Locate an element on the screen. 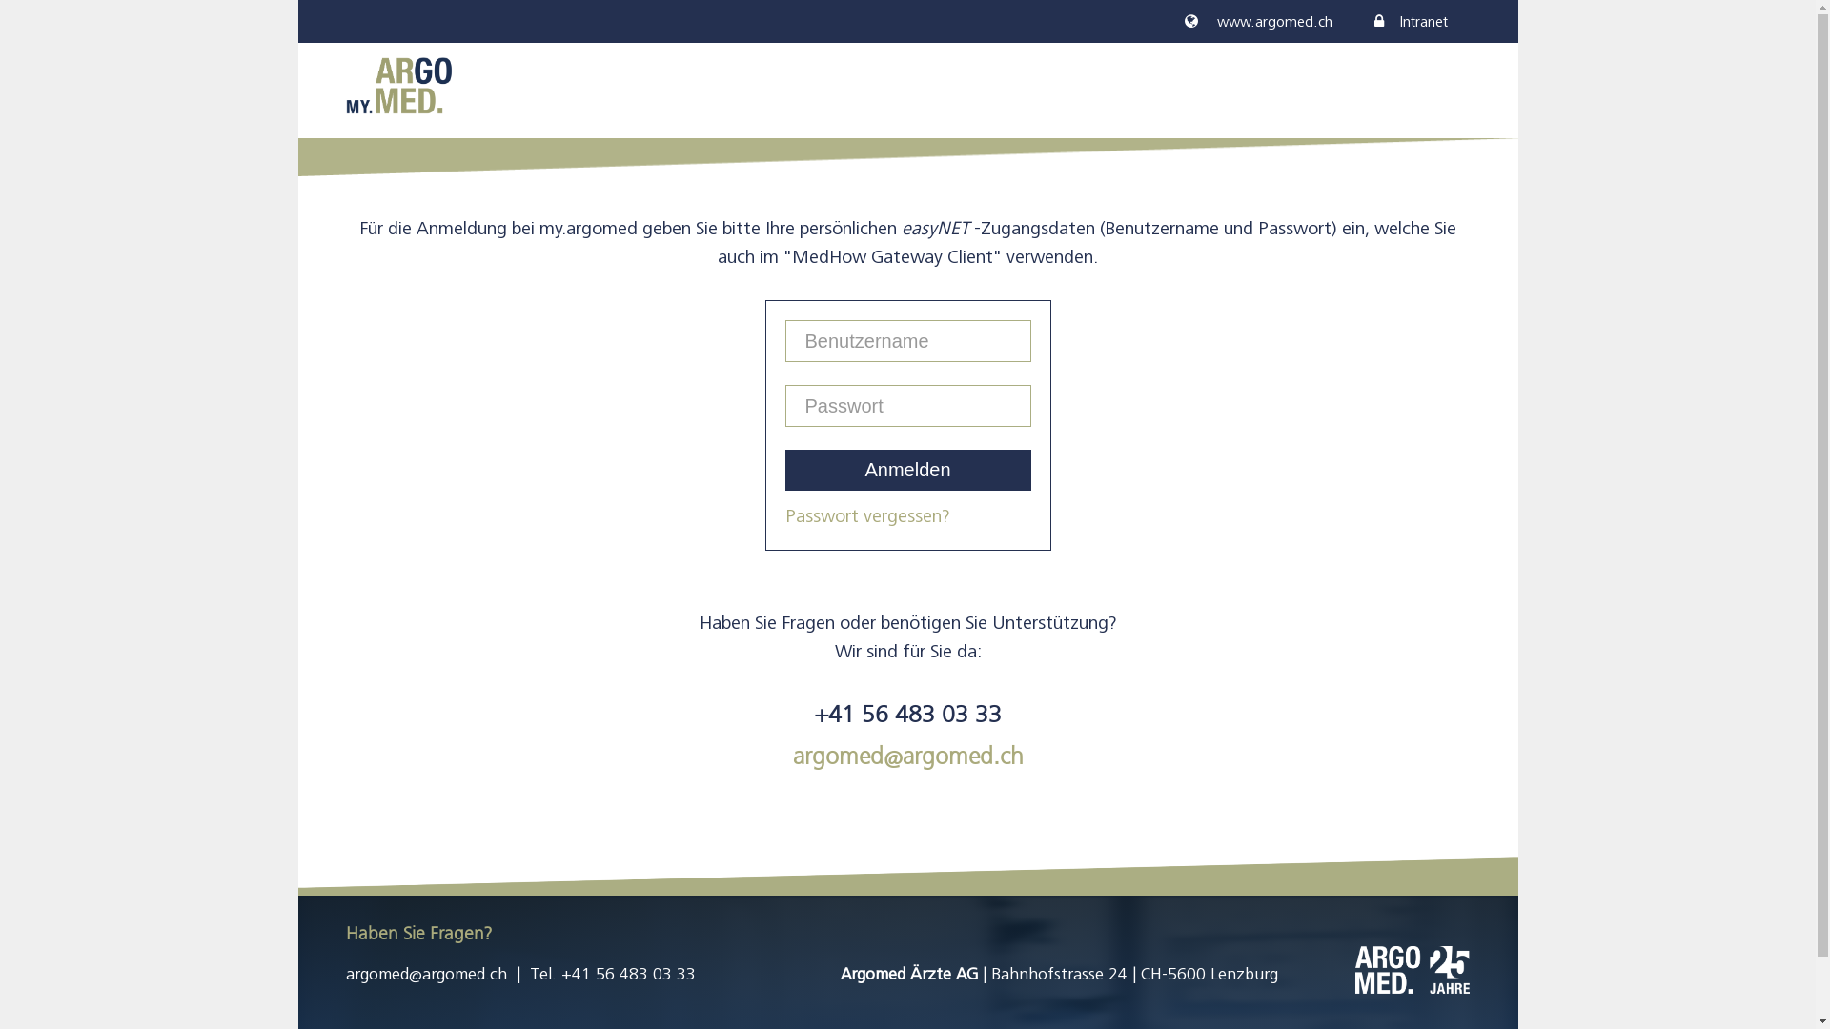  'Intranet' is located at coordinates (1411, 22).